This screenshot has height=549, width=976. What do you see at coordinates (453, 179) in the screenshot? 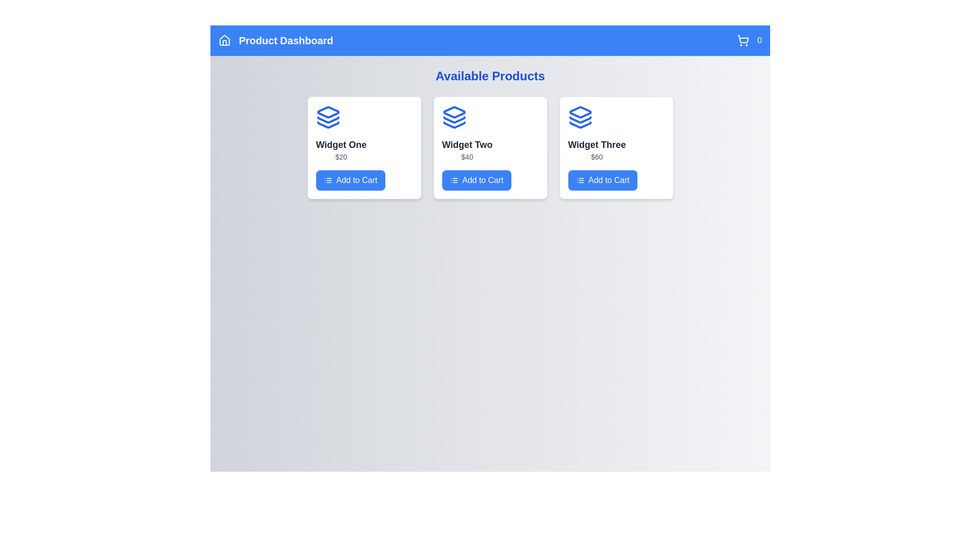
I see `the list icon within the blue 'Add to Cart' button located beneath the product information card of 'Widget Two'` at bounding box center [453, 179].